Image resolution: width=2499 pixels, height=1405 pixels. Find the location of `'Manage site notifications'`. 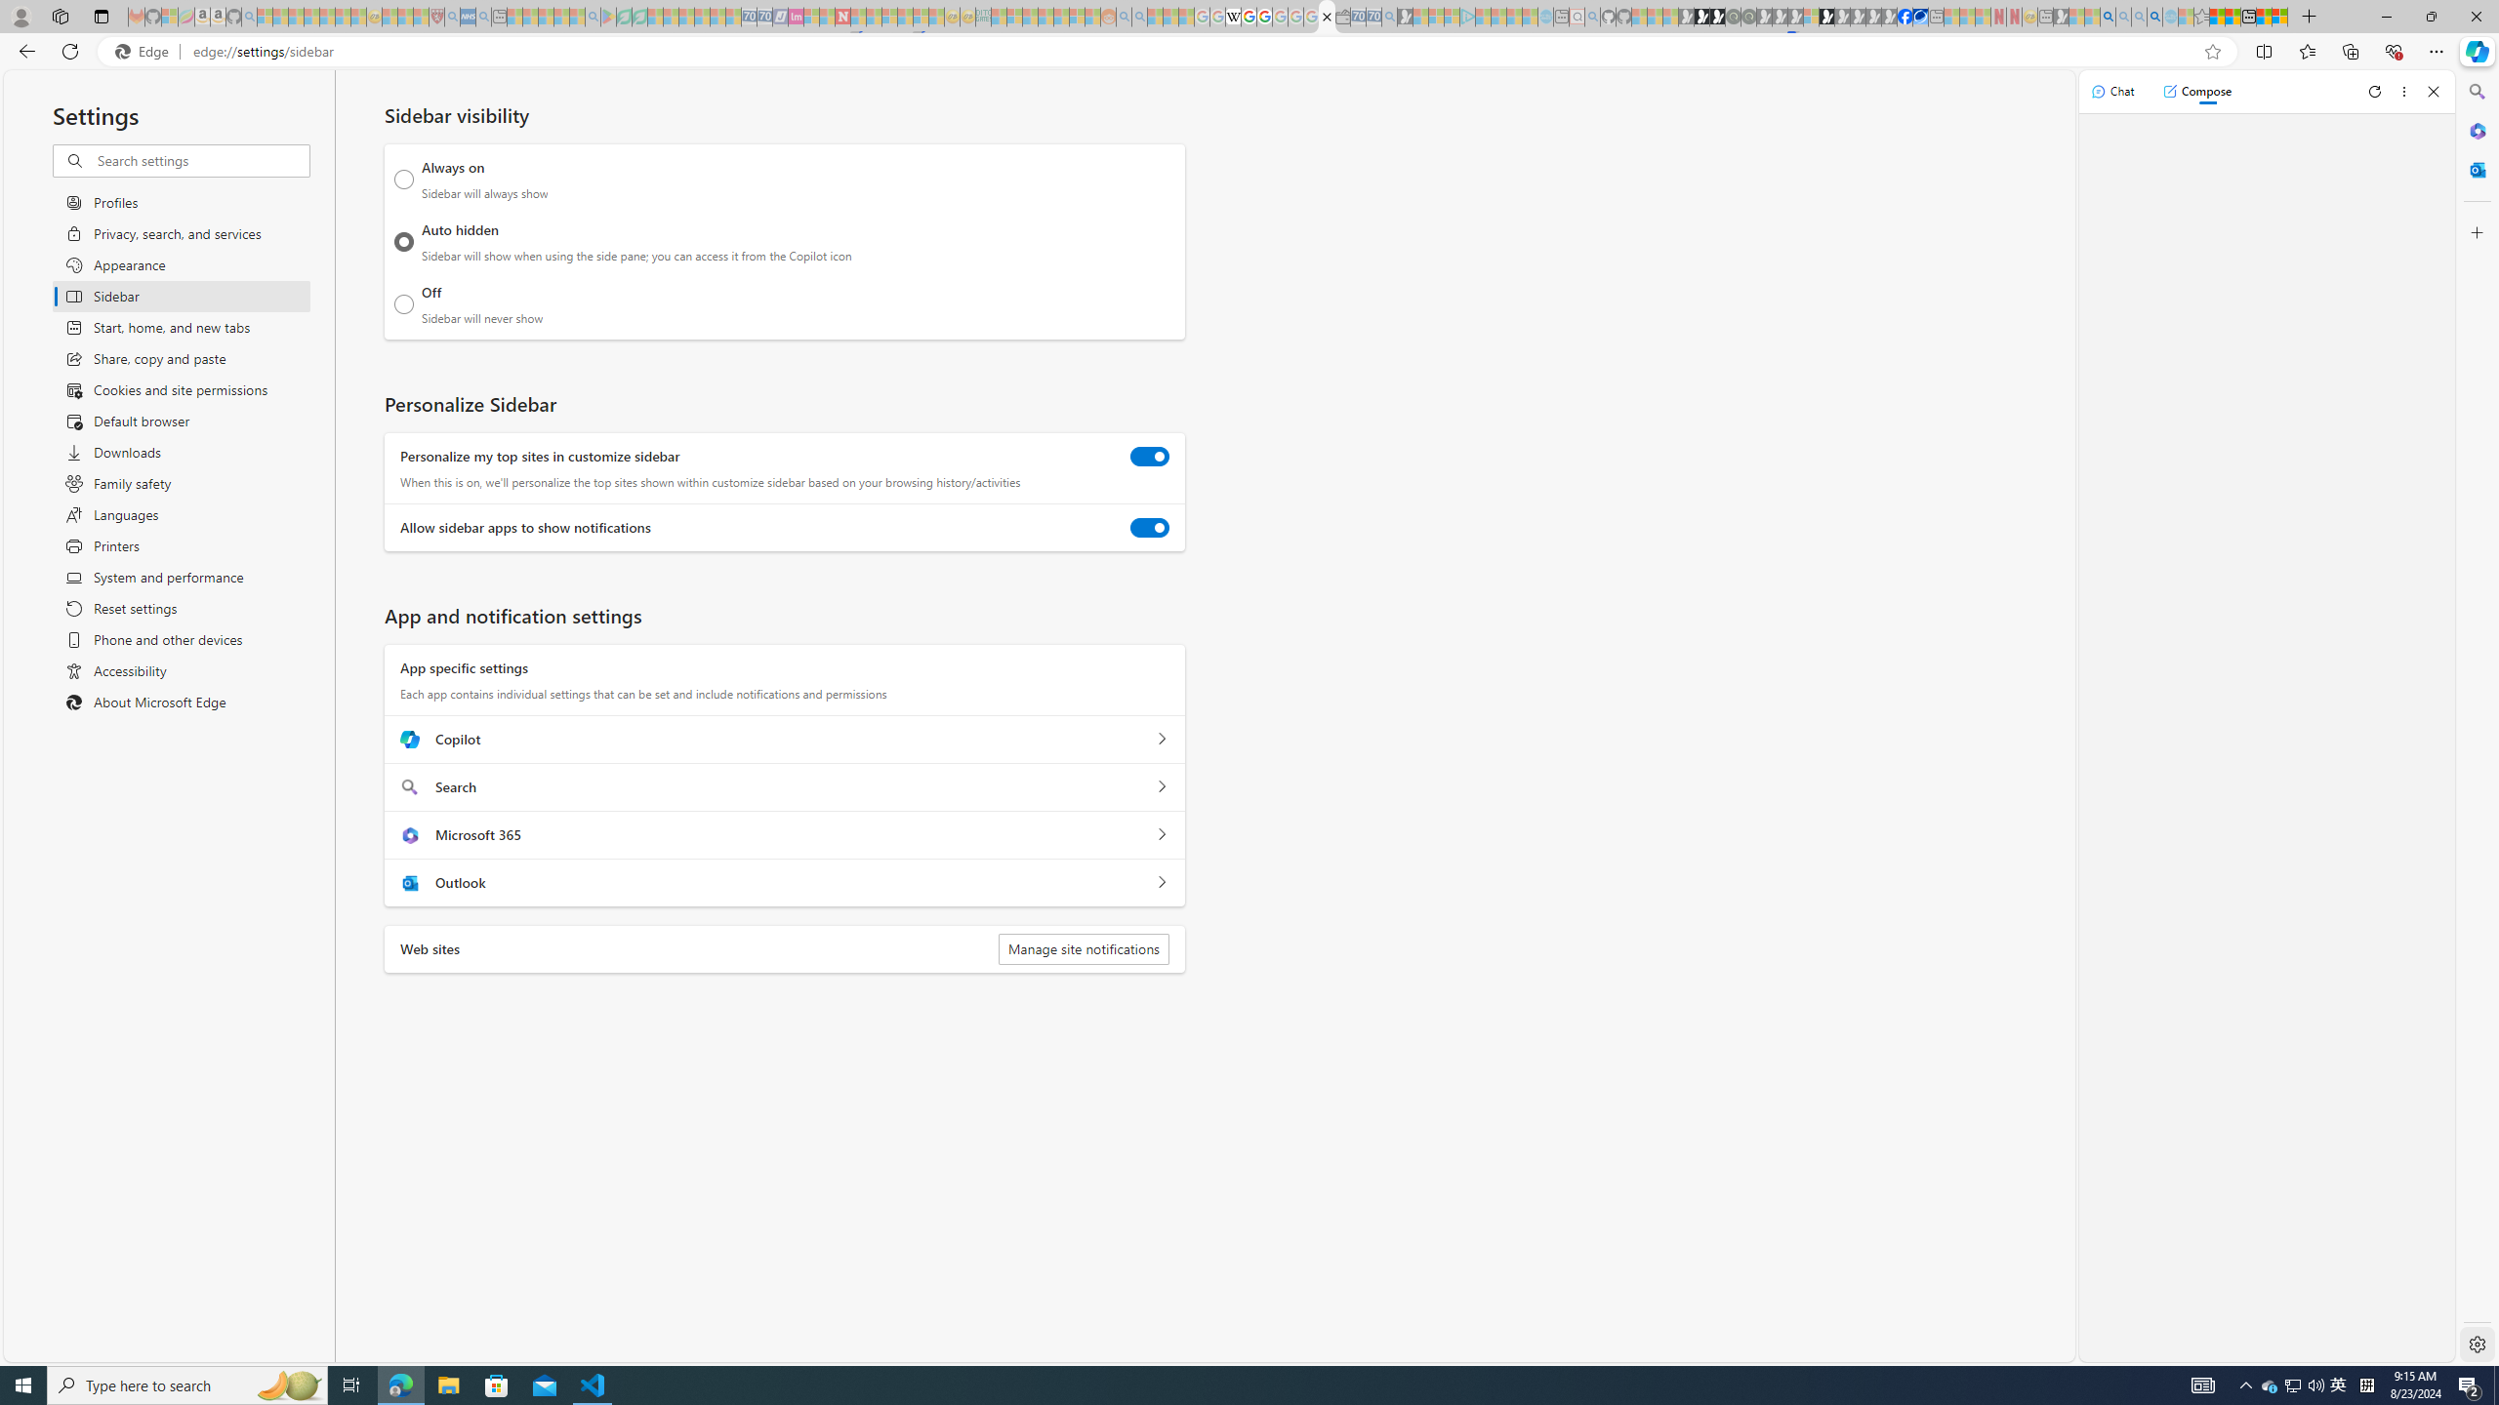

'Manage site notifications' is located at coordinates (1082, 948).